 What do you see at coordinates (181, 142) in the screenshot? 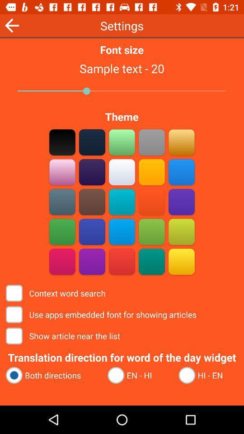
I see `light brown option` at bounding box center [181, 142].